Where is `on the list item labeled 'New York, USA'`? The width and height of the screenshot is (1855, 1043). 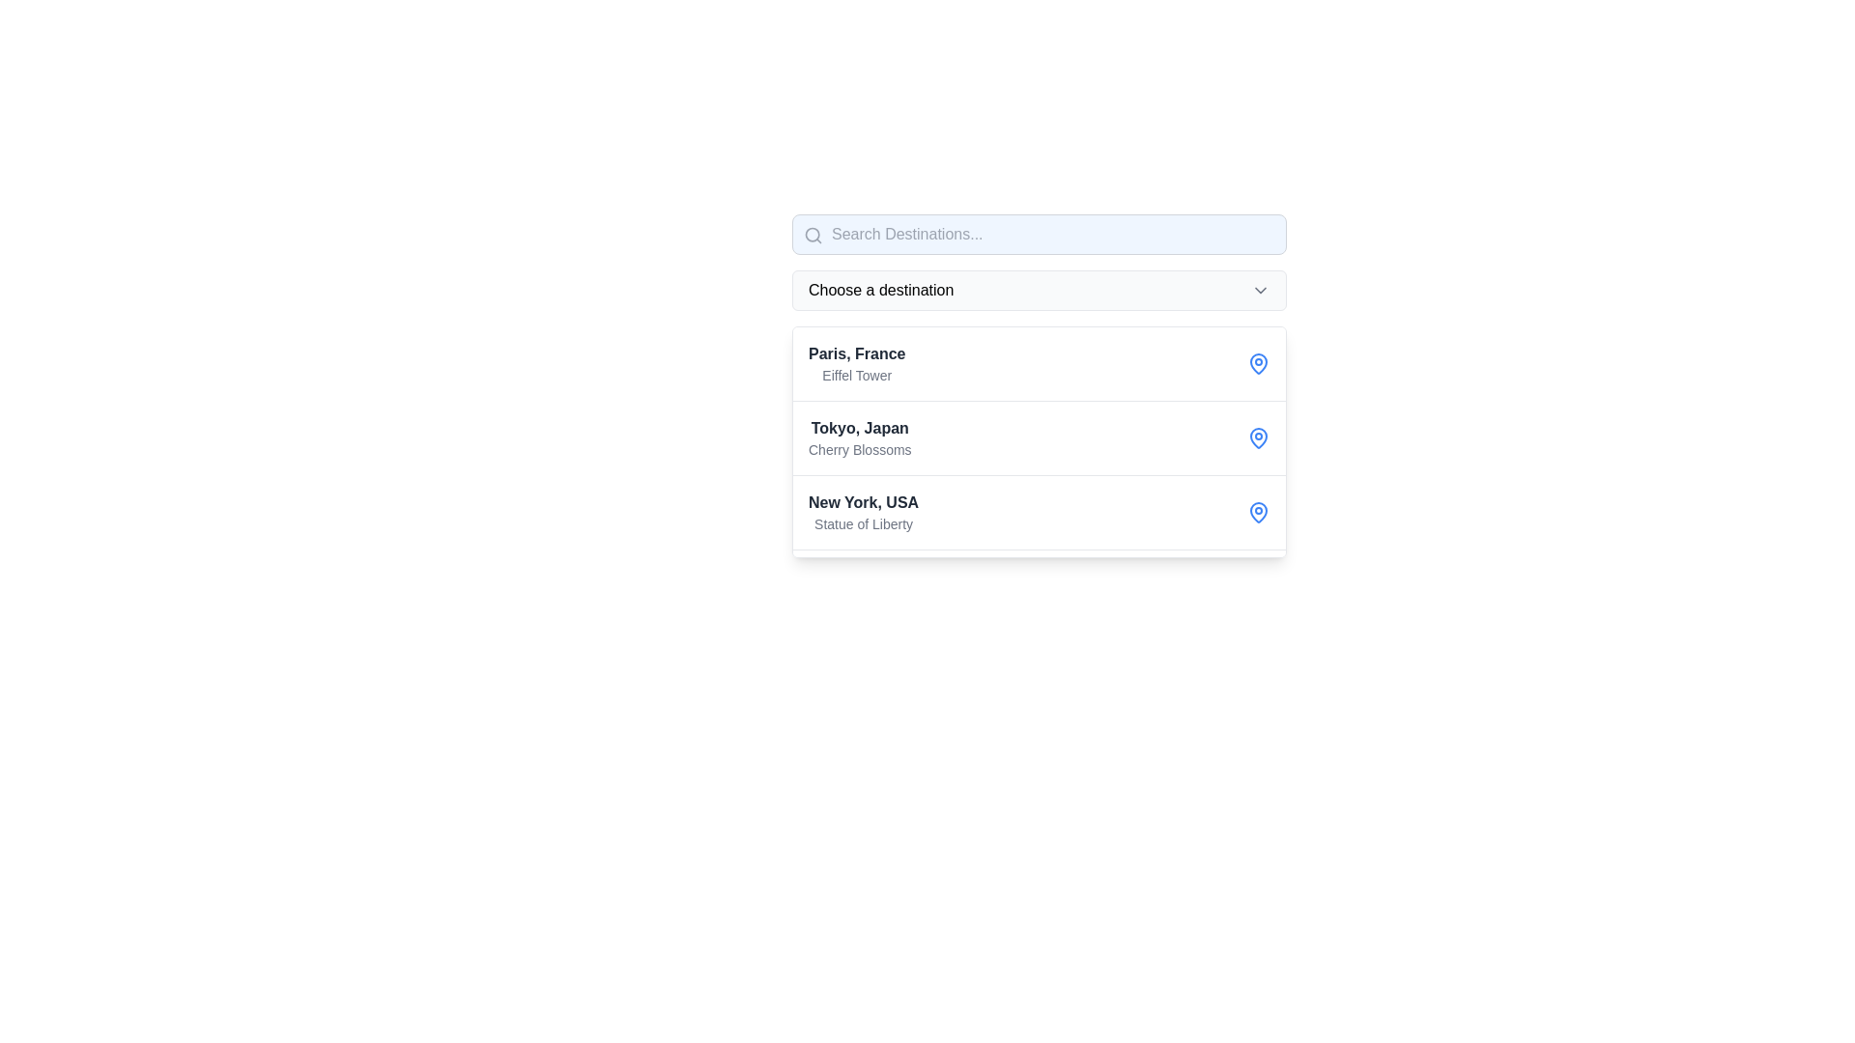 on the list item labeled 'New York, USA' is located at coordinates (863, 512).